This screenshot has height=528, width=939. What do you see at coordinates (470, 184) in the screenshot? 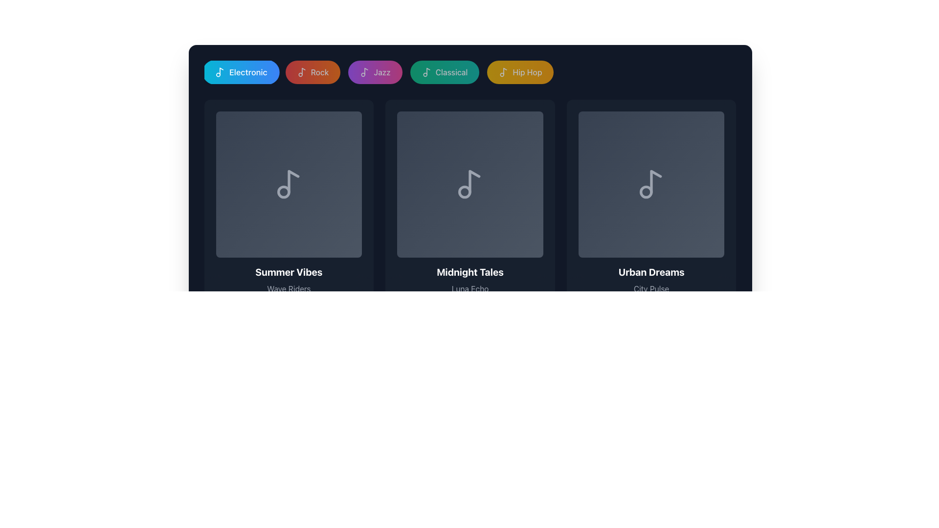
I see `the music-related item icon, which is centered` at bounding box center [470, 184].